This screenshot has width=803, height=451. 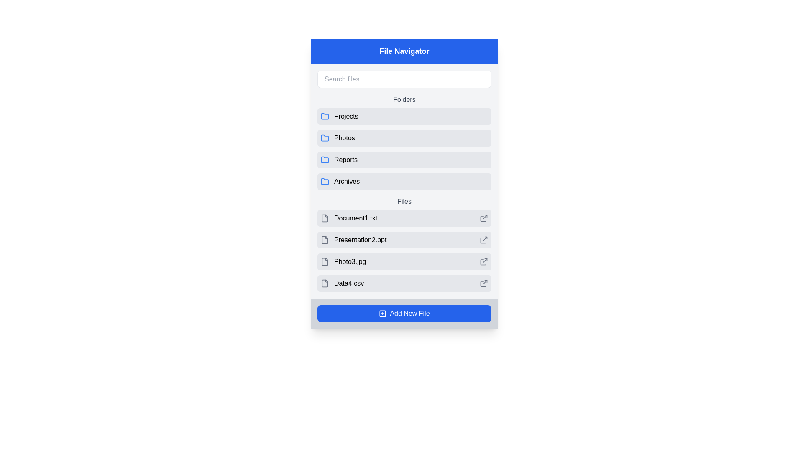 What do you see at coordinates (325, 116) in the screenshot?
I see `the folder icon with a blue border and gray background located to the left of the text 'Projects' under the 'Folders' section in the sidebar` at bounding box center [325, 116].